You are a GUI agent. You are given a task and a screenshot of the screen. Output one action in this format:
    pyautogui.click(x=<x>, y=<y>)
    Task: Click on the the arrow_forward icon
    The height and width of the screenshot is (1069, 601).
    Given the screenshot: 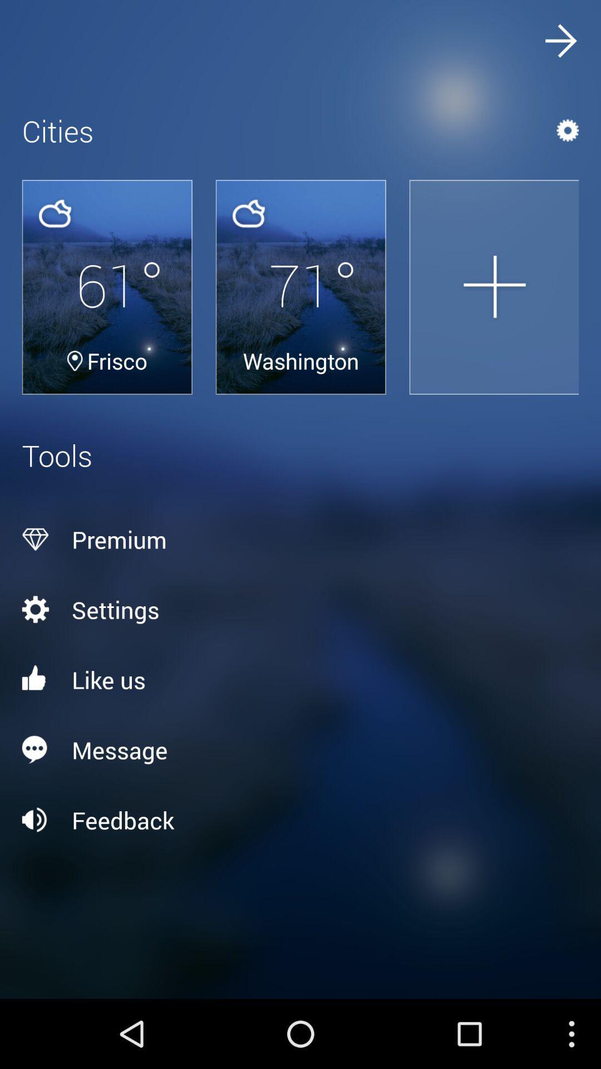 What is the action you would take?
    pyautogui.click(x=560, y=43)
    